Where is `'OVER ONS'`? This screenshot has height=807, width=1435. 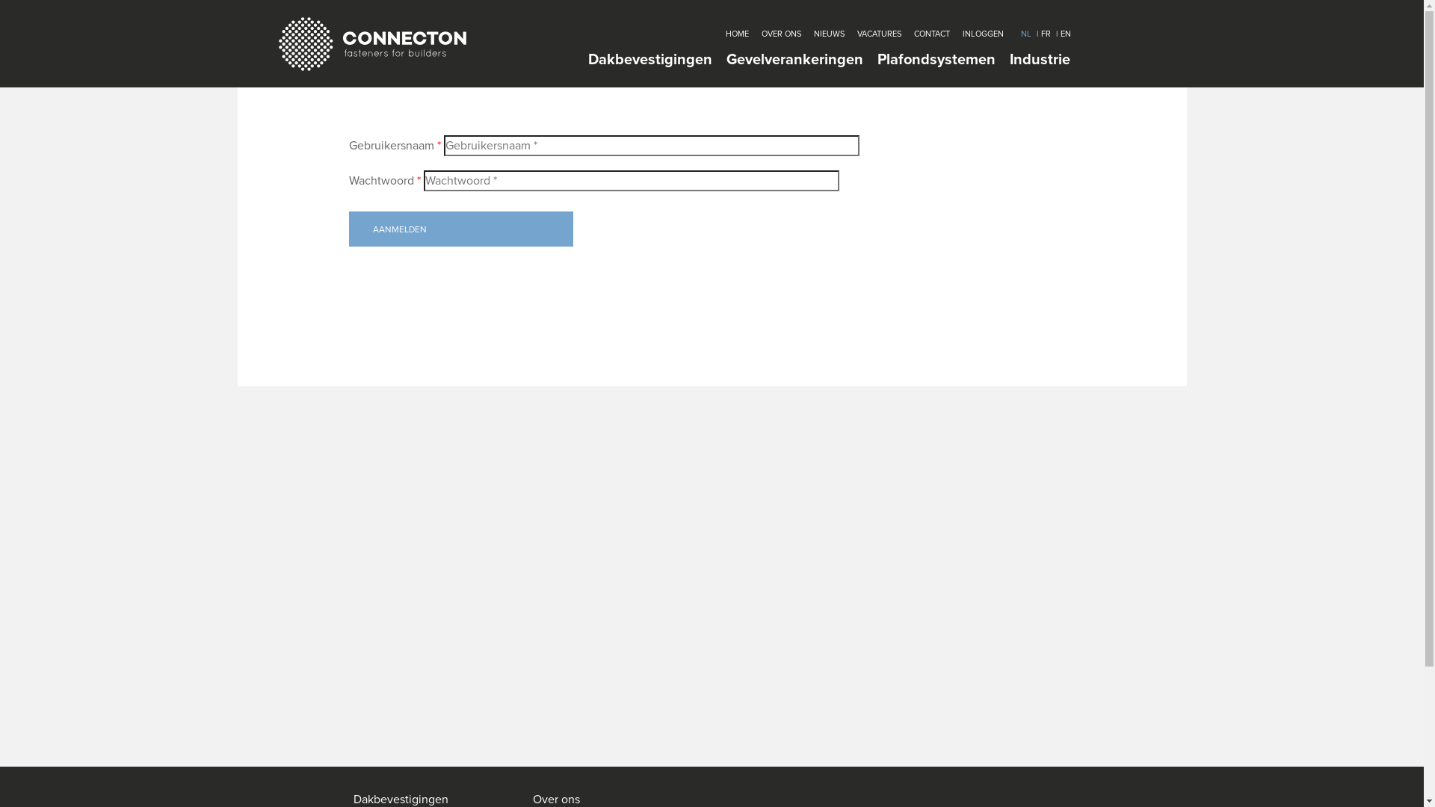 'OVER ONS' is located at coordinates (760, 34).